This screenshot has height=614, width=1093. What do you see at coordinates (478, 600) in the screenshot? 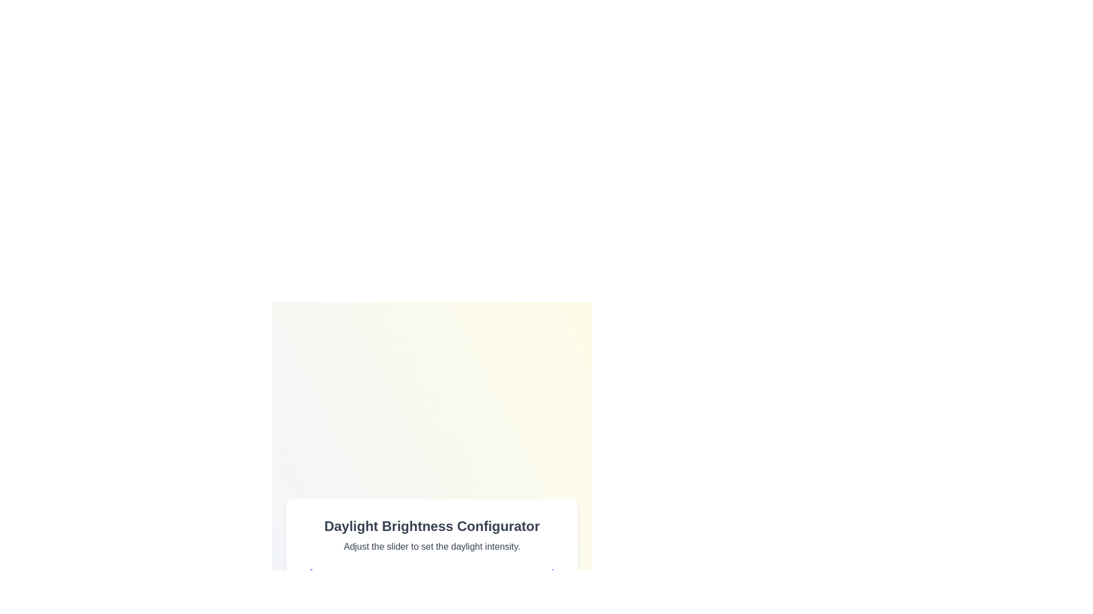
I see `the brightness slider to set the daylight intensity to 68%` at bounding box center [478, 600].